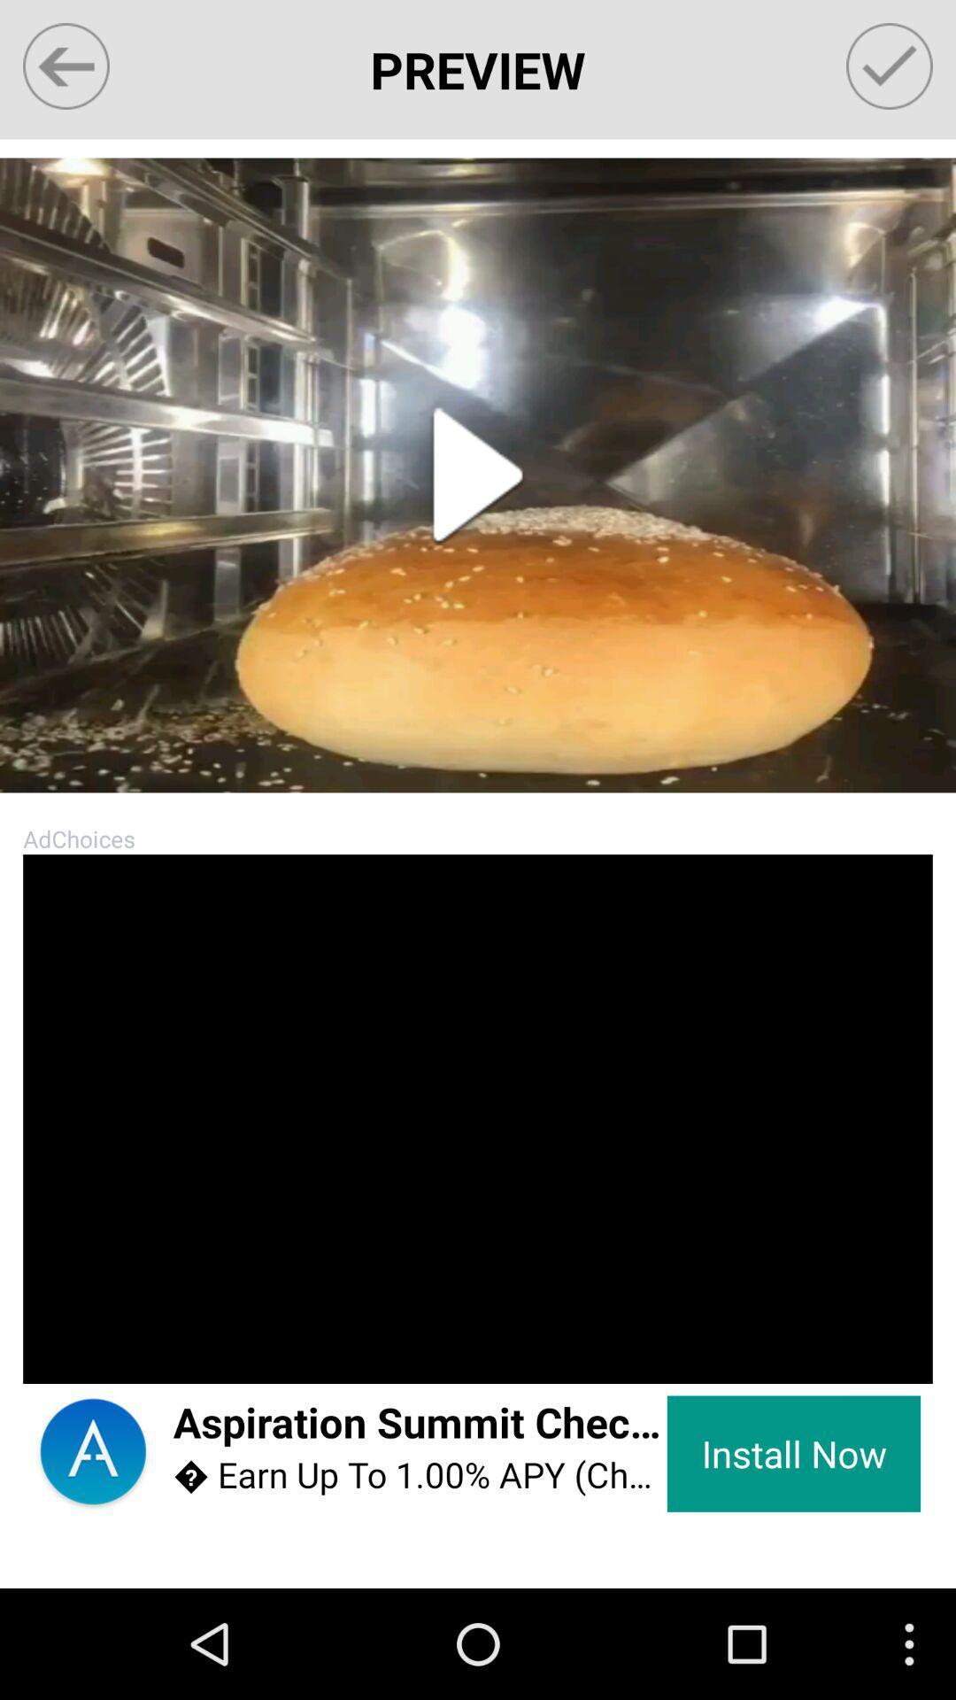 Image resolution: width=956 pixels, height=1700 pixels. I want to click on mark as done, so click(890, 66).